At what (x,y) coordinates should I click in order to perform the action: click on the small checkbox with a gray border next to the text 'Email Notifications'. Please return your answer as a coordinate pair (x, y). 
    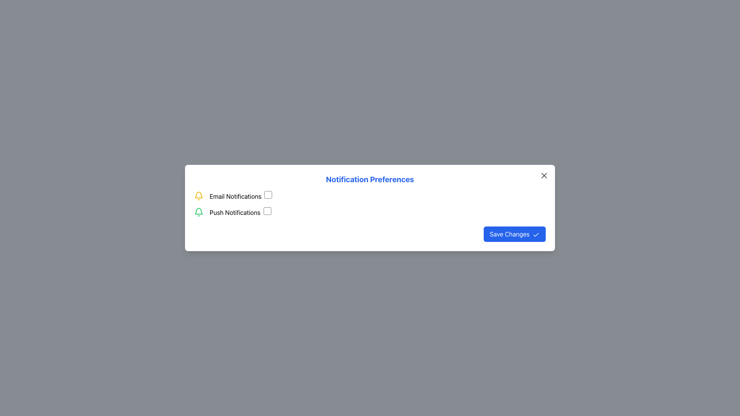
    Looking at the image, I should click on (268, 194).